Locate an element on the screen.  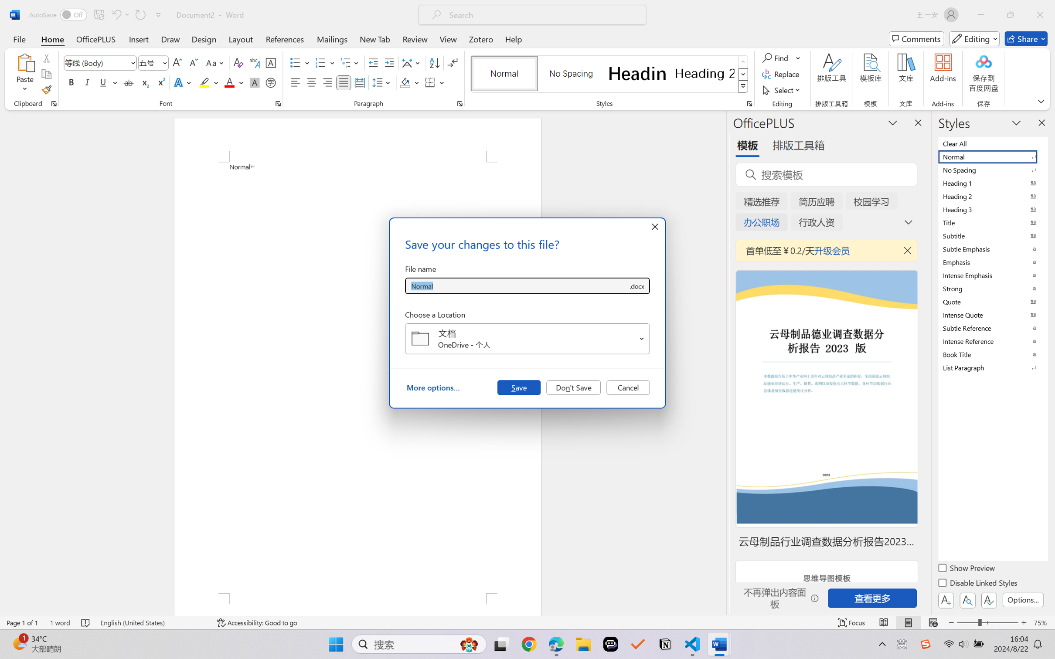
'Font Color Red' is located at coordinates (230, 82).